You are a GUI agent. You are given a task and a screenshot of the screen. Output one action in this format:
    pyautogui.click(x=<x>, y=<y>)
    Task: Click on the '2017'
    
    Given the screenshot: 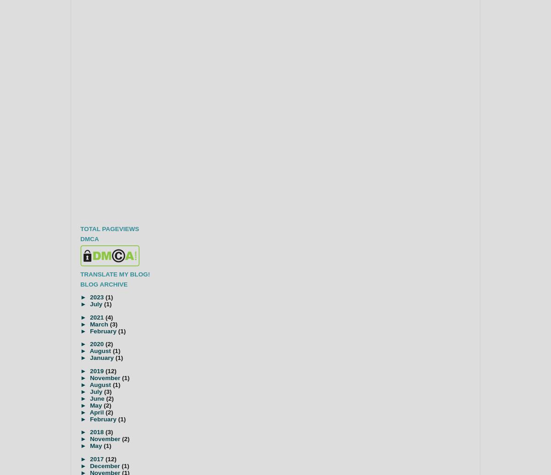 What is the action you would take?
    pyautogui.click(x=97, y=458)
    